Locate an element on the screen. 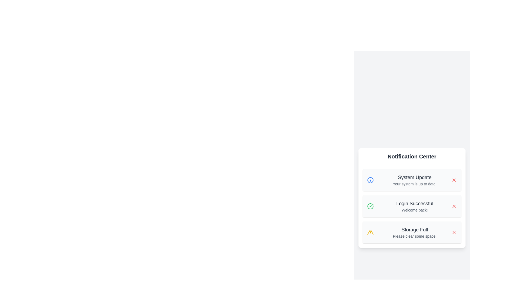 Image resolution: width=523 pixels, height=294 pixels. the text label displaying 'Login Successful' which is styled in gray and is located within a notification card layout is located at coordinates (414, 203).